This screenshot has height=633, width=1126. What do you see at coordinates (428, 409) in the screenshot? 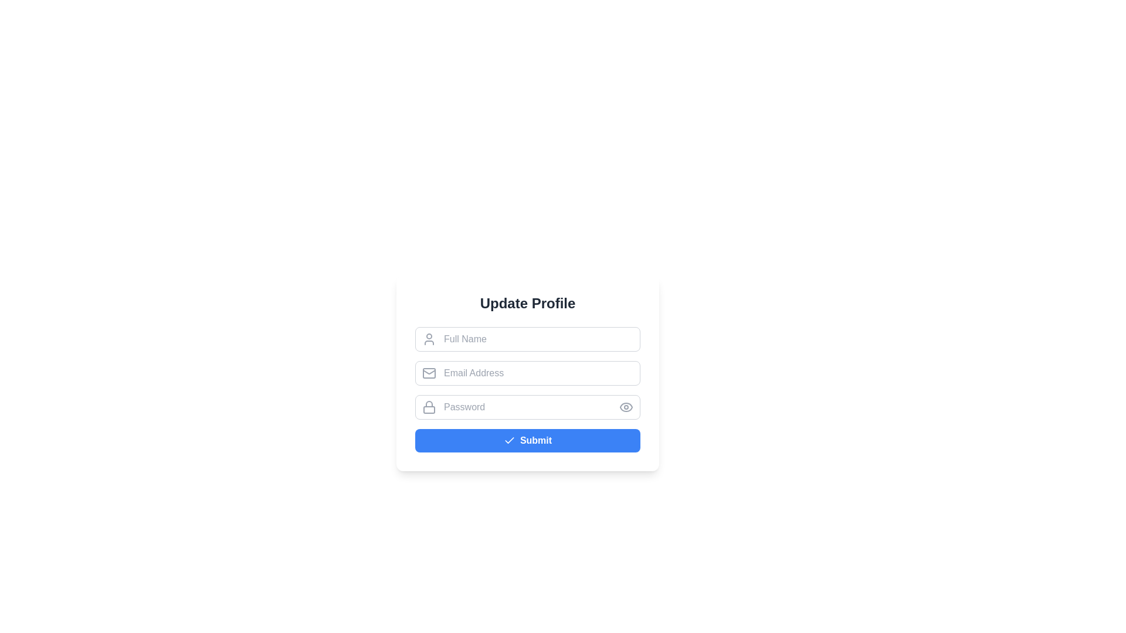
I see `the small rectangular decorative graphic element located within the lock icon, which is positioned to the left of the password input field` at bounding box center [428, 409].